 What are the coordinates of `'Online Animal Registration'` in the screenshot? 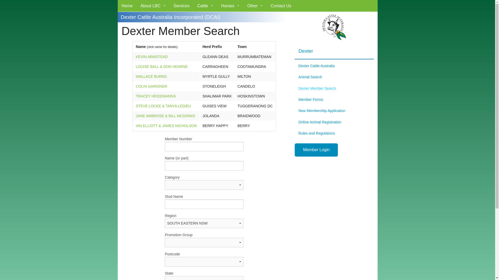 It's located at (334, 122).